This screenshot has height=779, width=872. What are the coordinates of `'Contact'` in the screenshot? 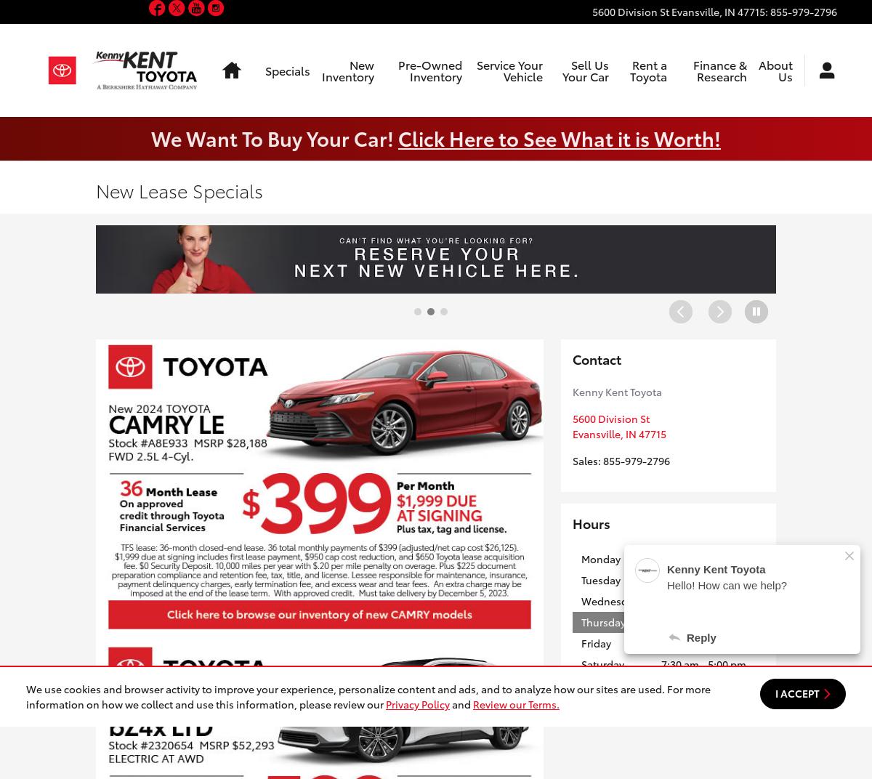 It's located at (596, 358).